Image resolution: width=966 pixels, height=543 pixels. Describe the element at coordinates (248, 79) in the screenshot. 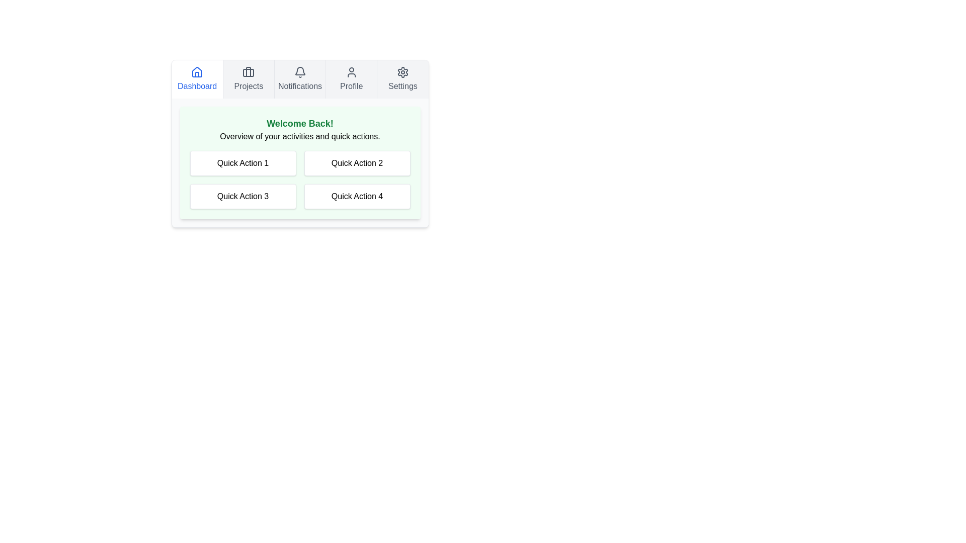

I see `the 'Projects' button in the navigation bar` at that location.